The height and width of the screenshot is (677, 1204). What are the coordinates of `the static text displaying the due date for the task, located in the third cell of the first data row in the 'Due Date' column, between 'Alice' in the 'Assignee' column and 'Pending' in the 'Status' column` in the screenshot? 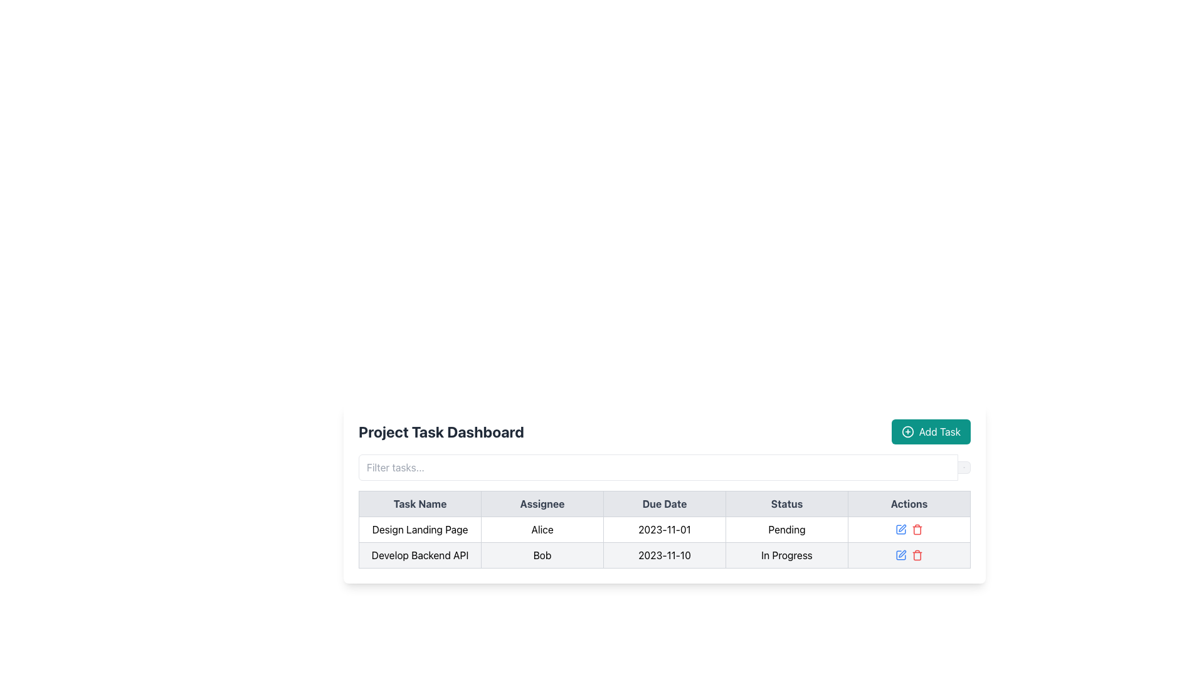 It's located at (664, 529).